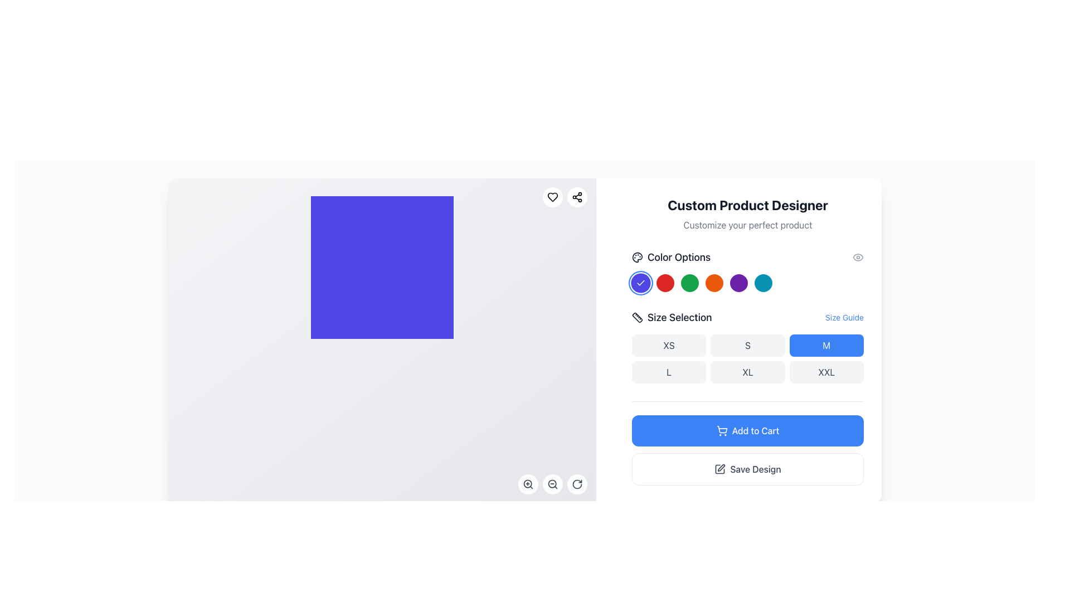  What do you see at coordinates (553, 483) in the screenshot?
I see `the magnifying glass icon button with a minus sign inside, located at the bottom right of the layout between the zoom-in and reset icons` at bounding box center [553, 483].